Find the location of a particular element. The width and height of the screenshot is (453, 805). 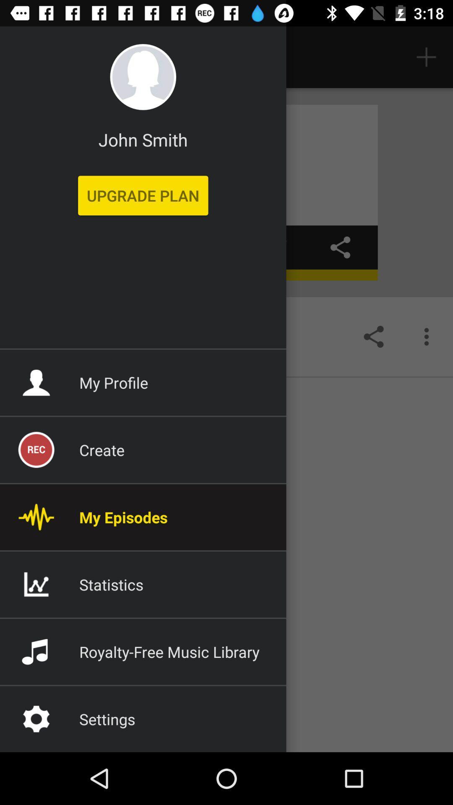

move to icon which is above the john smith is located at coordinates (143, 77).